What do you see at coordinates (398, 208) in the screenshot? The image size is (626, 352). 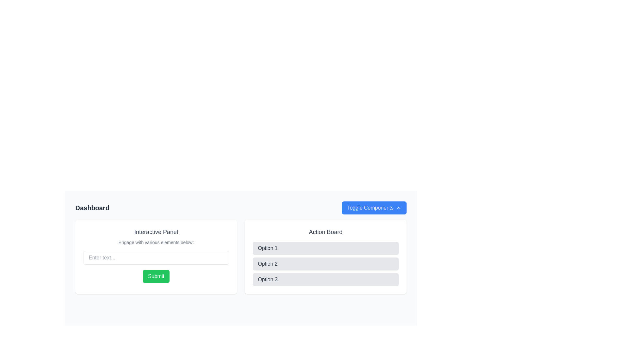 I see `the chevron pointing up icon located to the right of the 'Toggle Components' text in the button at the top right of the interactive panel` at bounding box center [398, 208].